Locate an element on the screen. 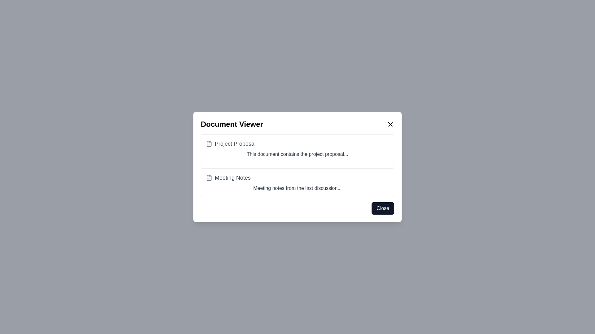 This screenshot has width=595, height=334. the 'Close' icon graphic located in the top-right corner of the 'Document Viewer' modal is located at coordinates (390, 124).